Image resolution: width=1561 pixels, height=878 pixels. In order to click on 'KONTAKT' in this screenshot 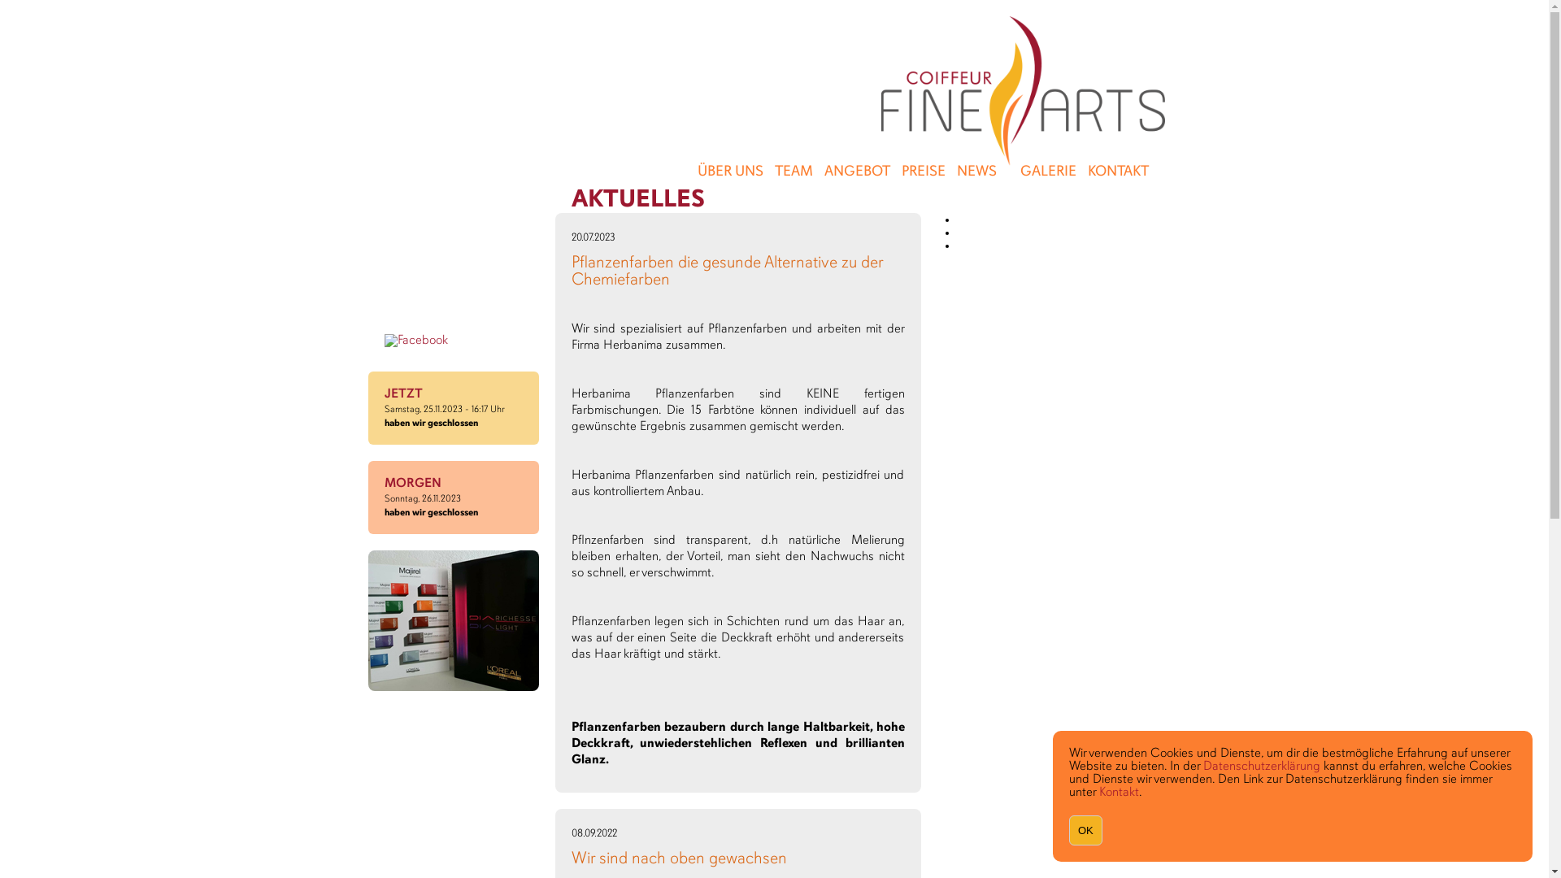, I will do `click(1117, 172)`.